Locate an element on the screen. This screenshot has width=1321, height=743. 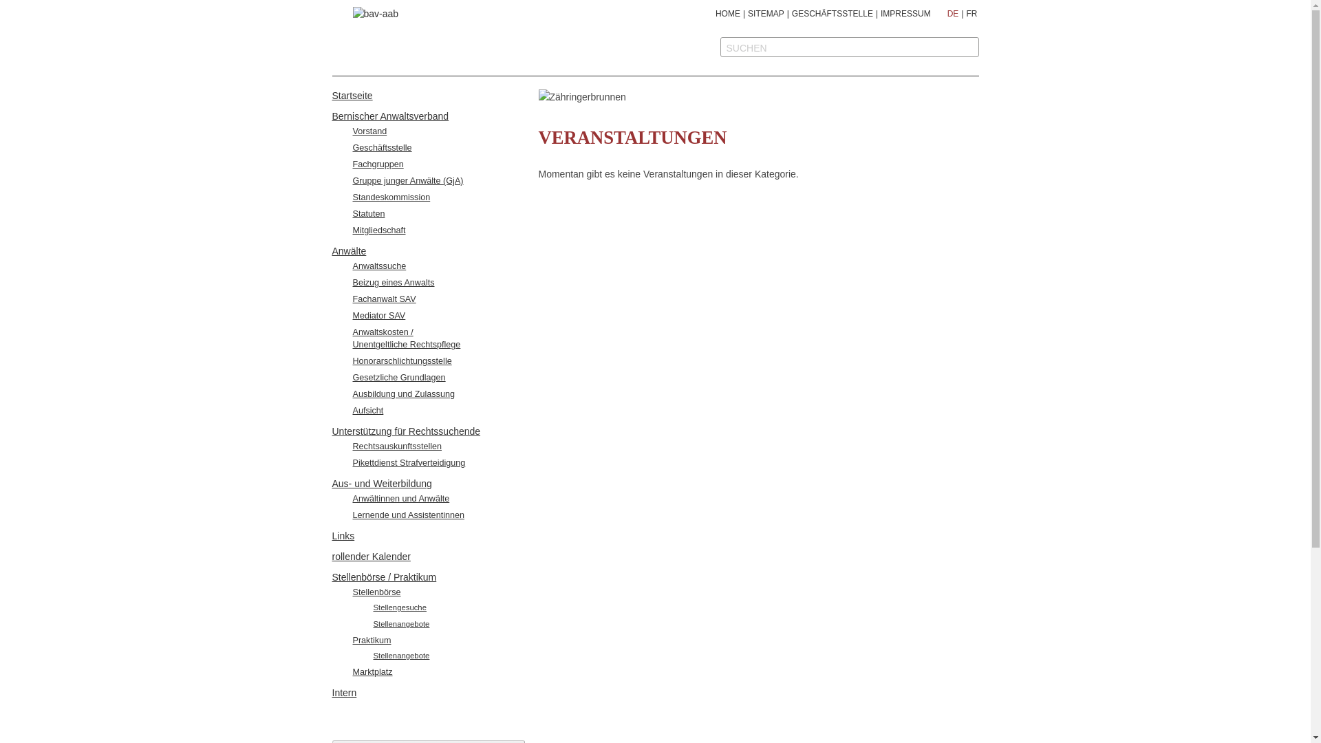
'Links' is located at coordinates (343, 535).